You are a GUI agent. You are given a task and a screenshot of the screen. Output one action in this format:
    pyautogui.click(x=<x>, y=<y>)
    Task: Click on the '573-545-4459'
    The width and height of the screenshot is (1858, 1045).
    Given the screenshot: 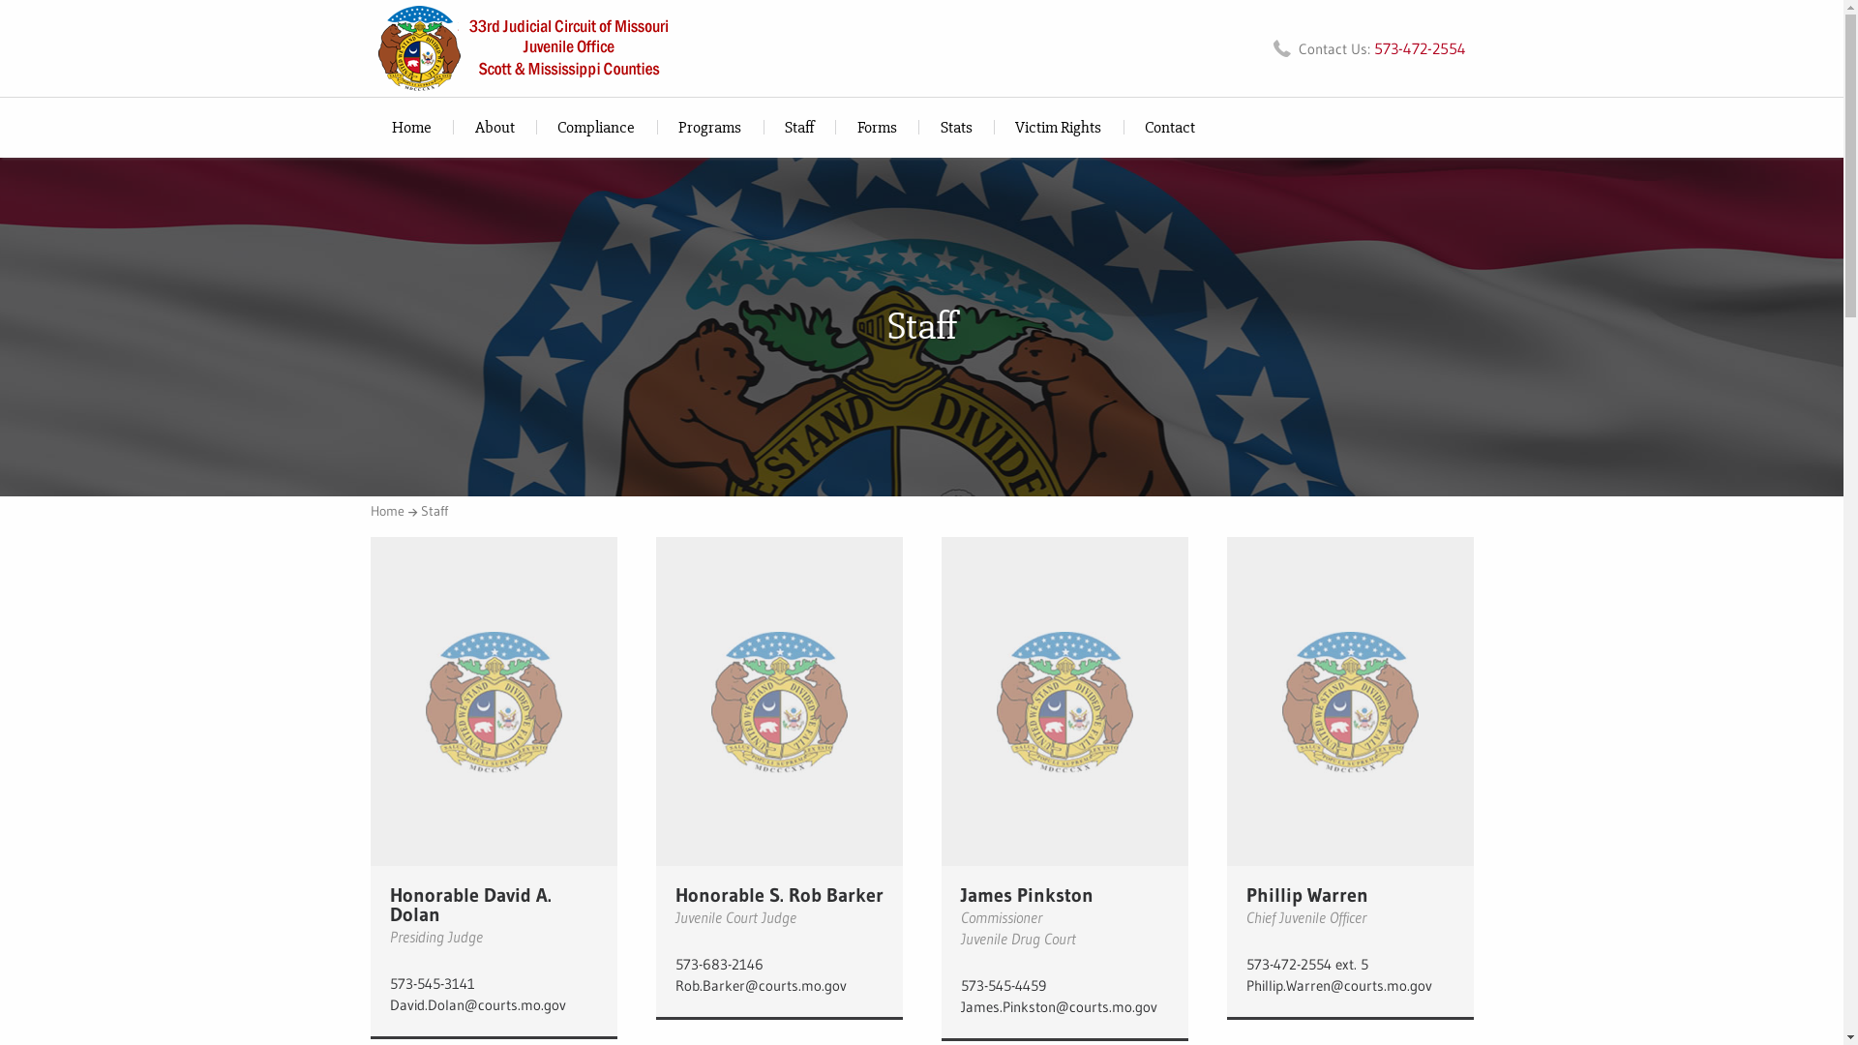 What is the action you would take?
    pyautogui.click(x=1063, y=986)
    